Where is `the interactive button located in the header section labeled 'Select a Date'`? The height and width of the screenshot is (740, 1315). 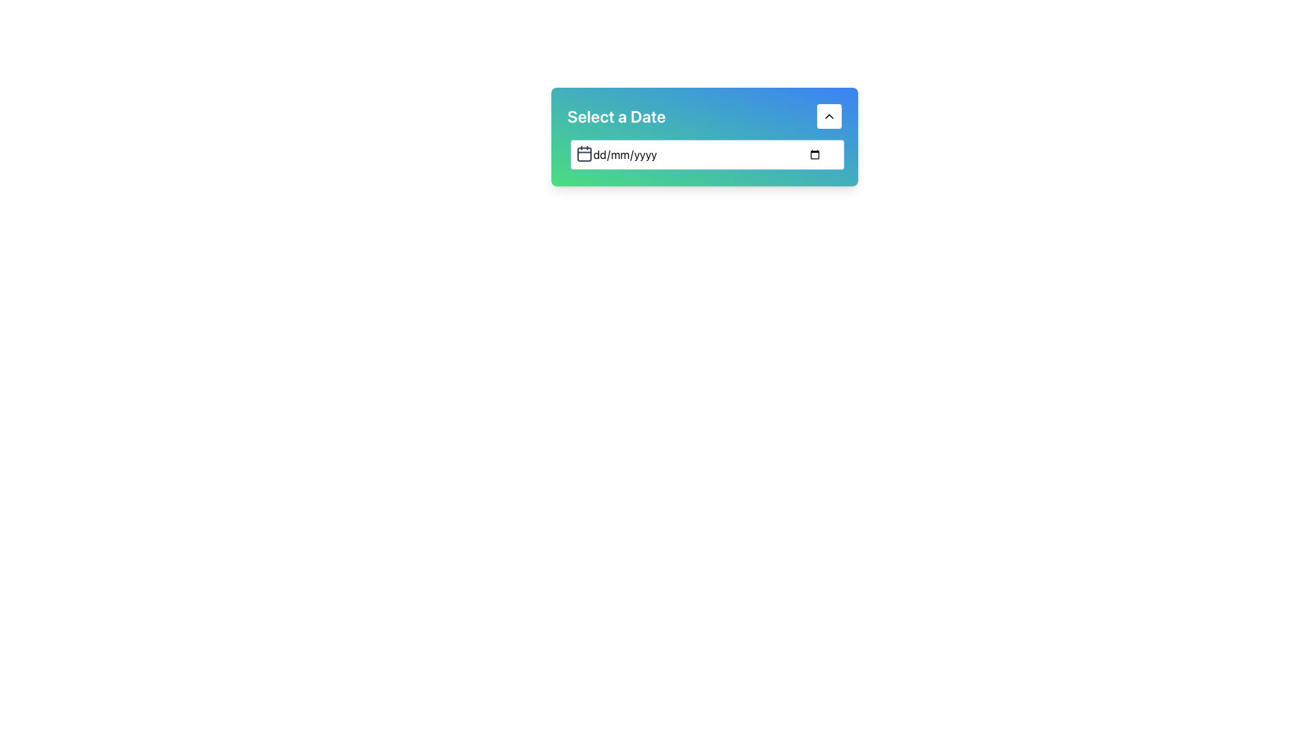
the interactive button located in the header section labeled 'Select a Date' is located at coordinates (828, 115).